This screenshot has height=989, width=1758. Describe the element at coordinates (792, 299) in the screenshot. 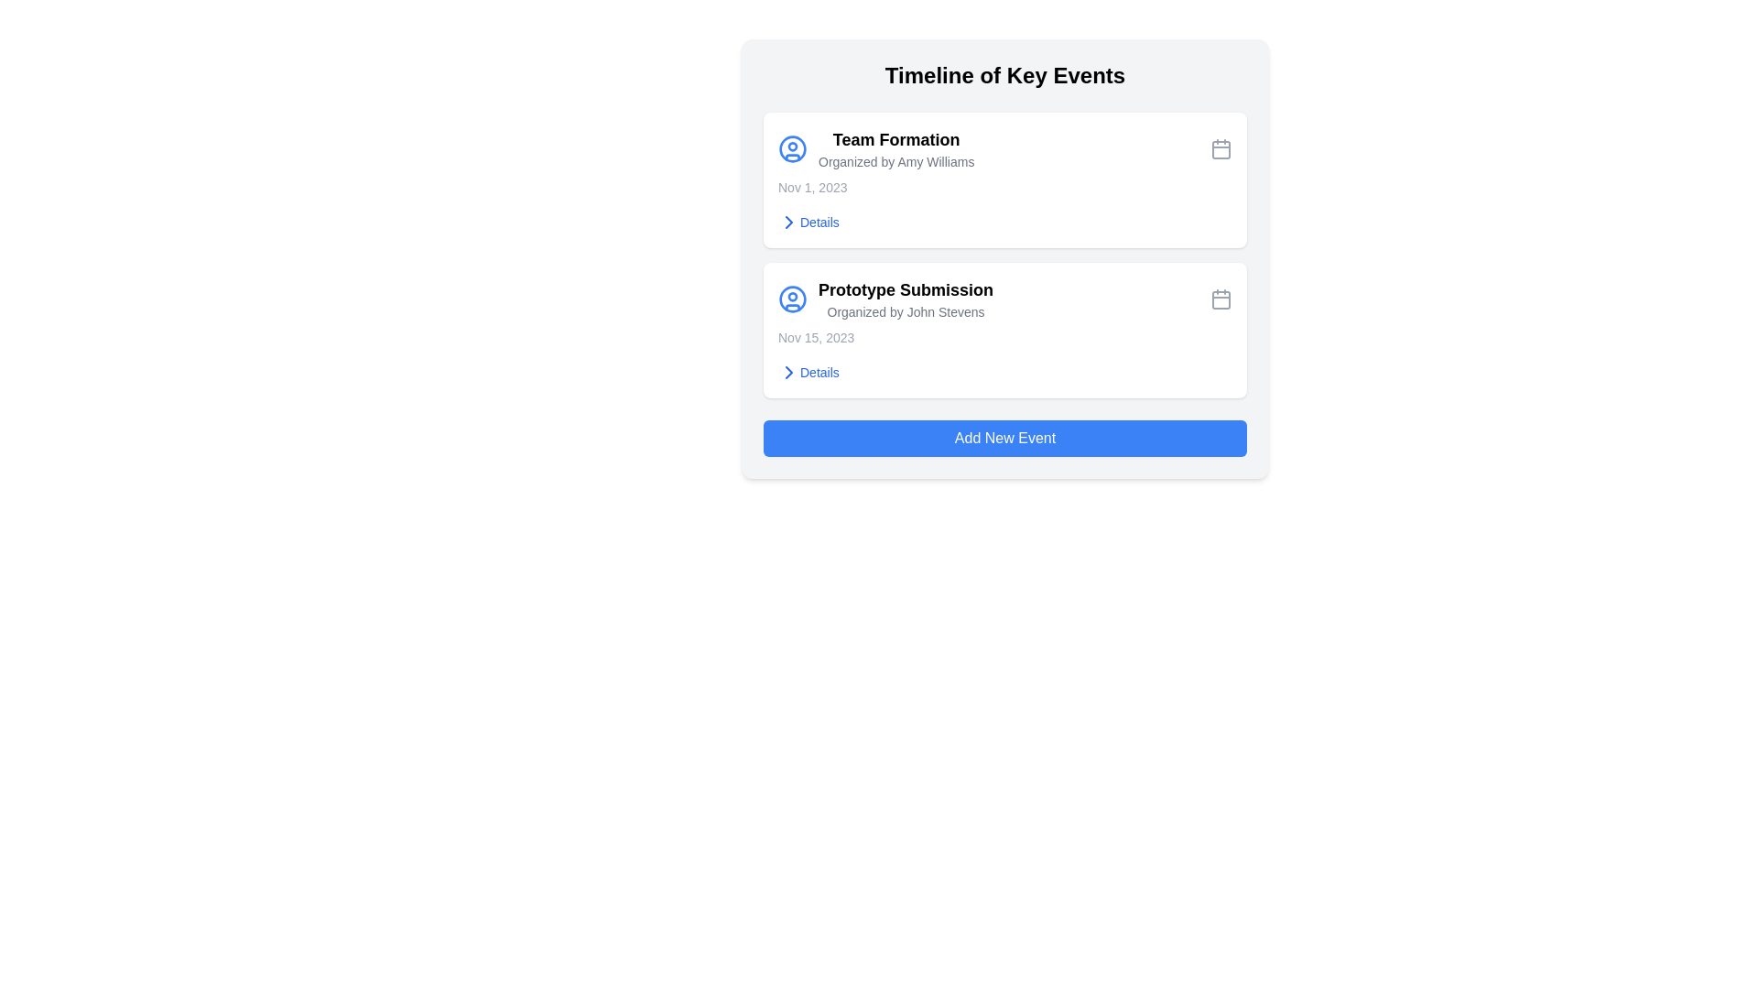

I see `the circular user icon with a thin blue outline and a profile symbol inside, located at the top-left corner of the 'Prototype Submission' card in the 'Timeline of Key Events' section` at that location.